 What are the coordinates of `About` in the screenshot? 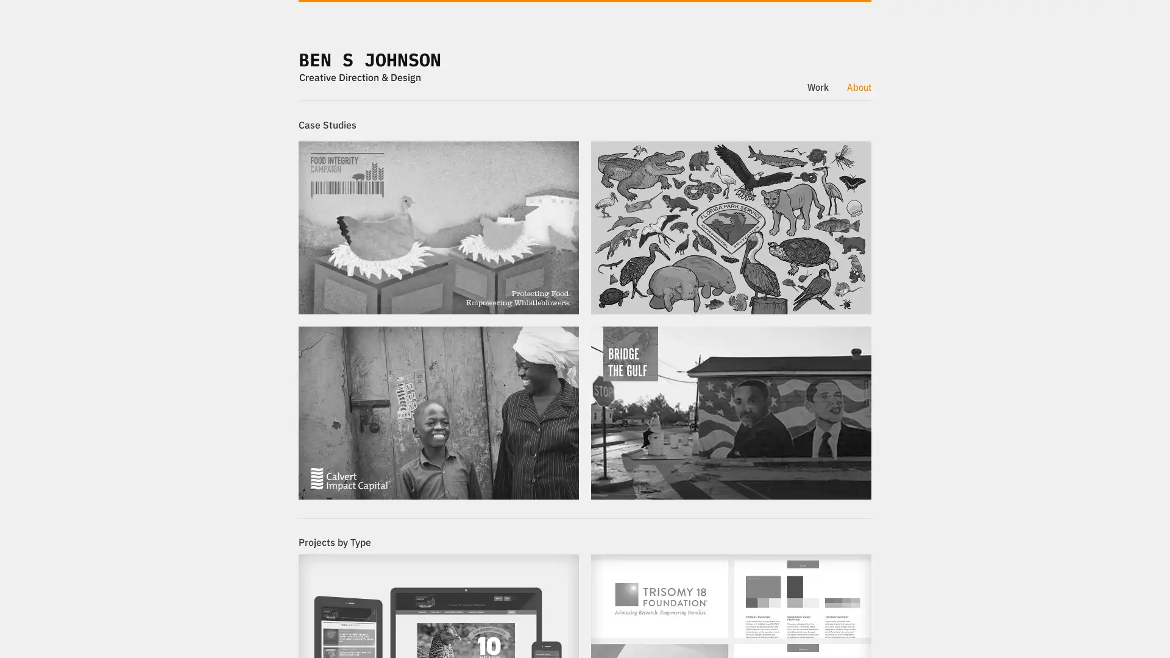 It's located at (859, 86).